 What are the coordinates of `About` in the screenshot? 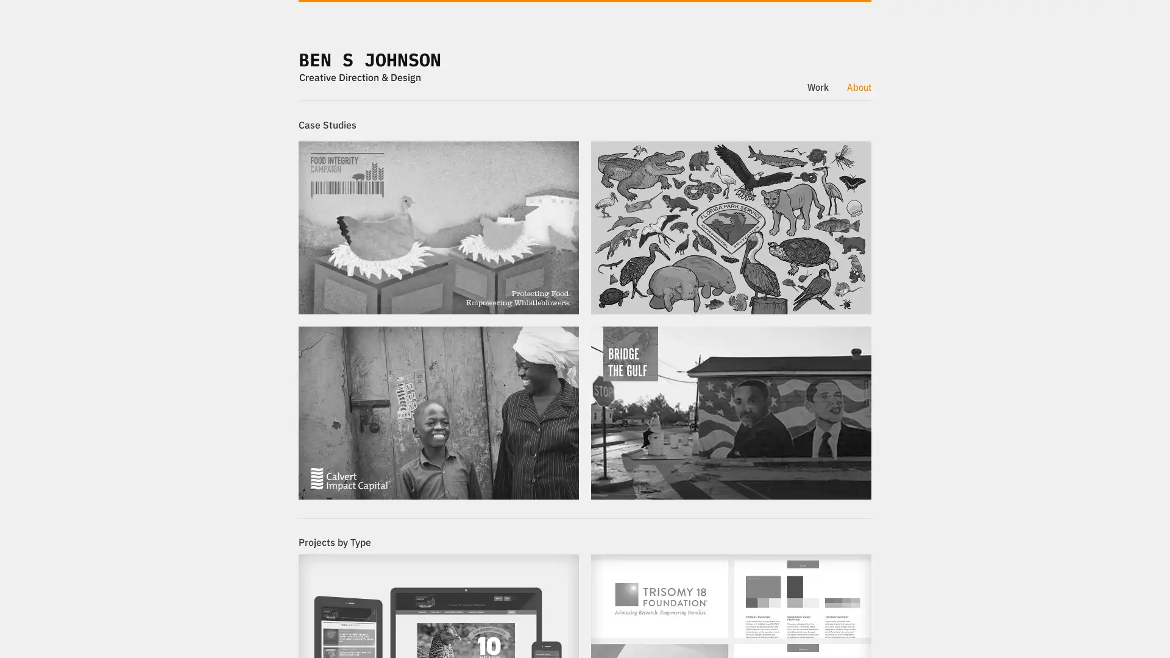 It's located at (859, 86).